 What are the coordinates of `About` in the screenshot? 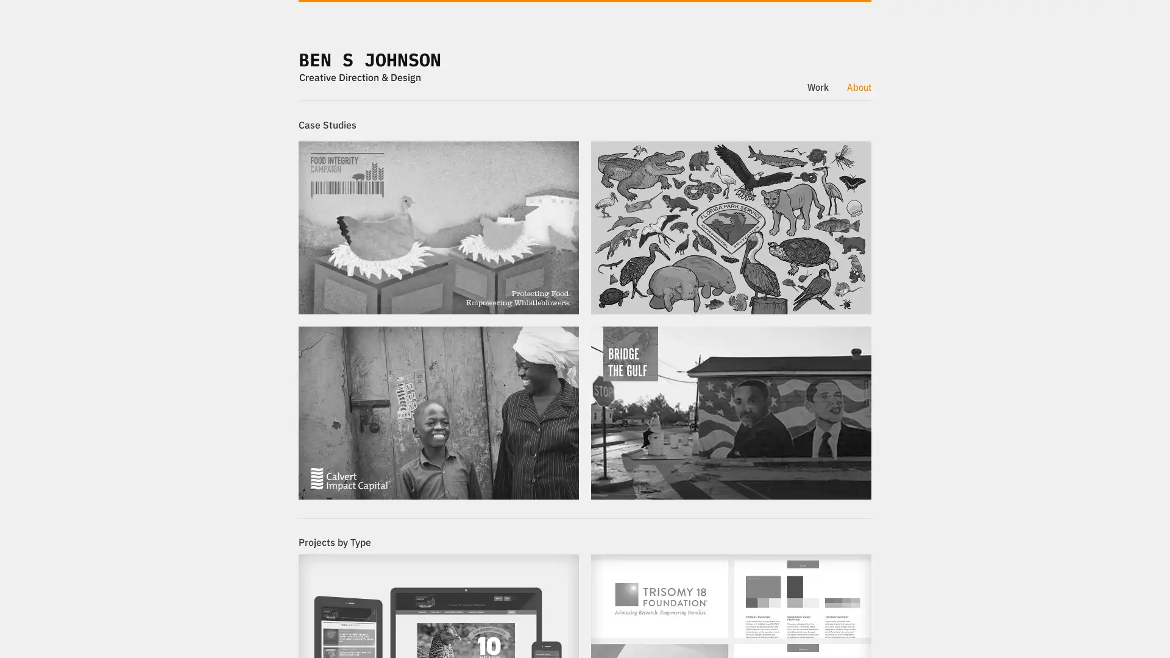 It's located at (859, 86).